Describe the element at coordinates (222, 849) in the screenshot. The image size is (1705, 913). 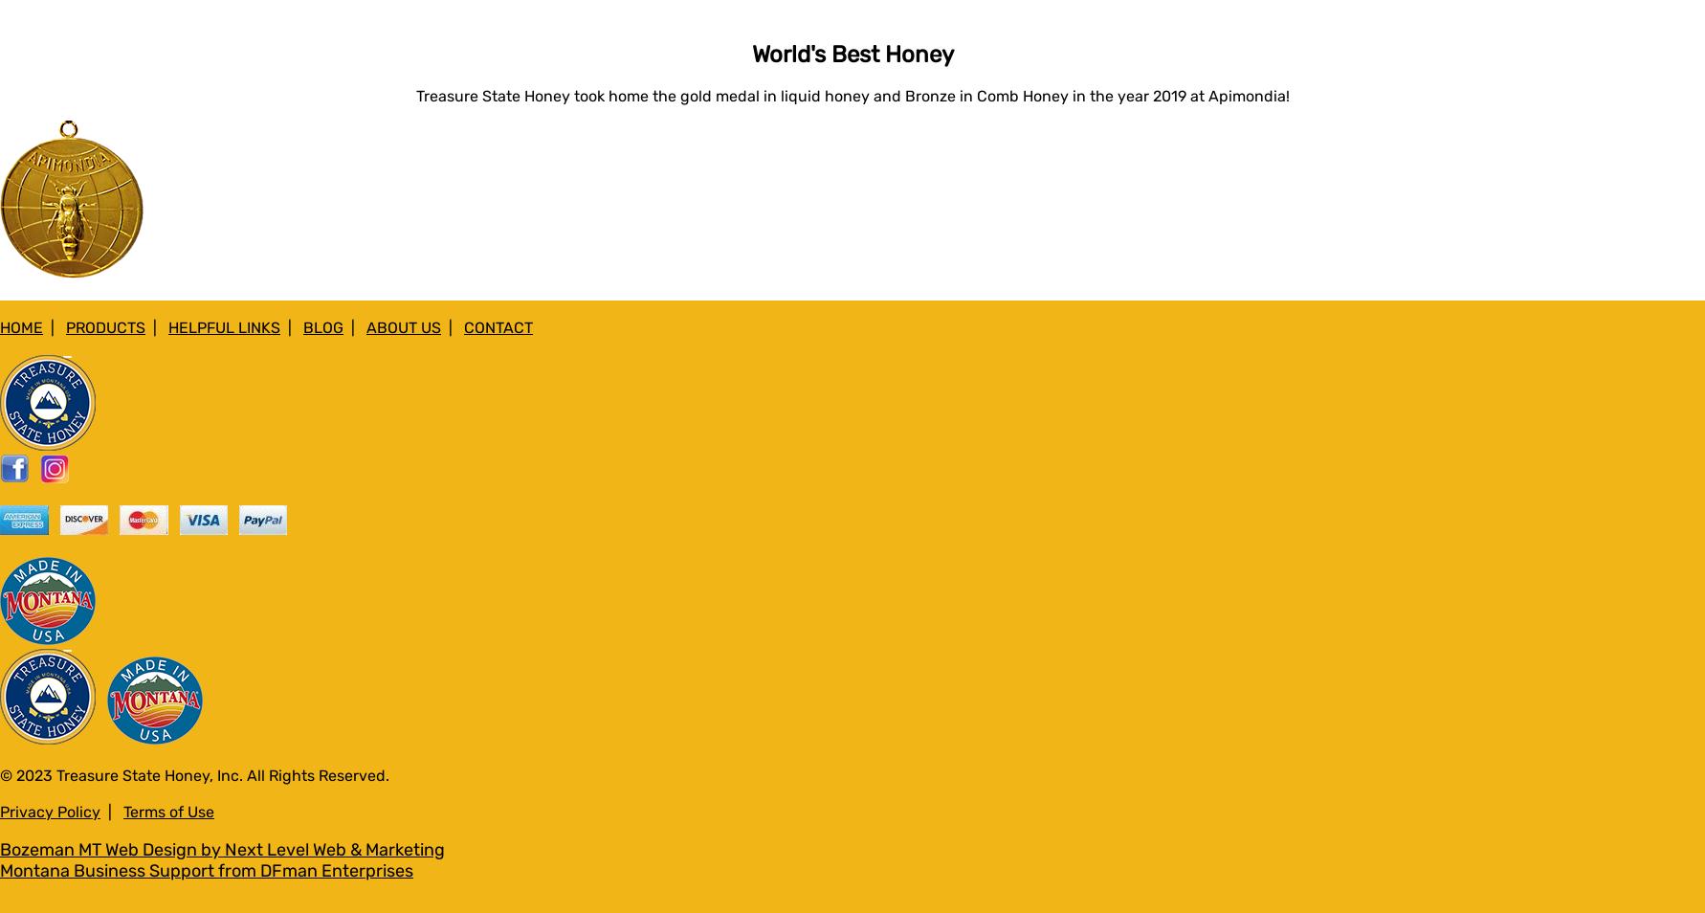
I see `'Bozeman MT Web Design by Next Level Web & Marketing'` at that location.